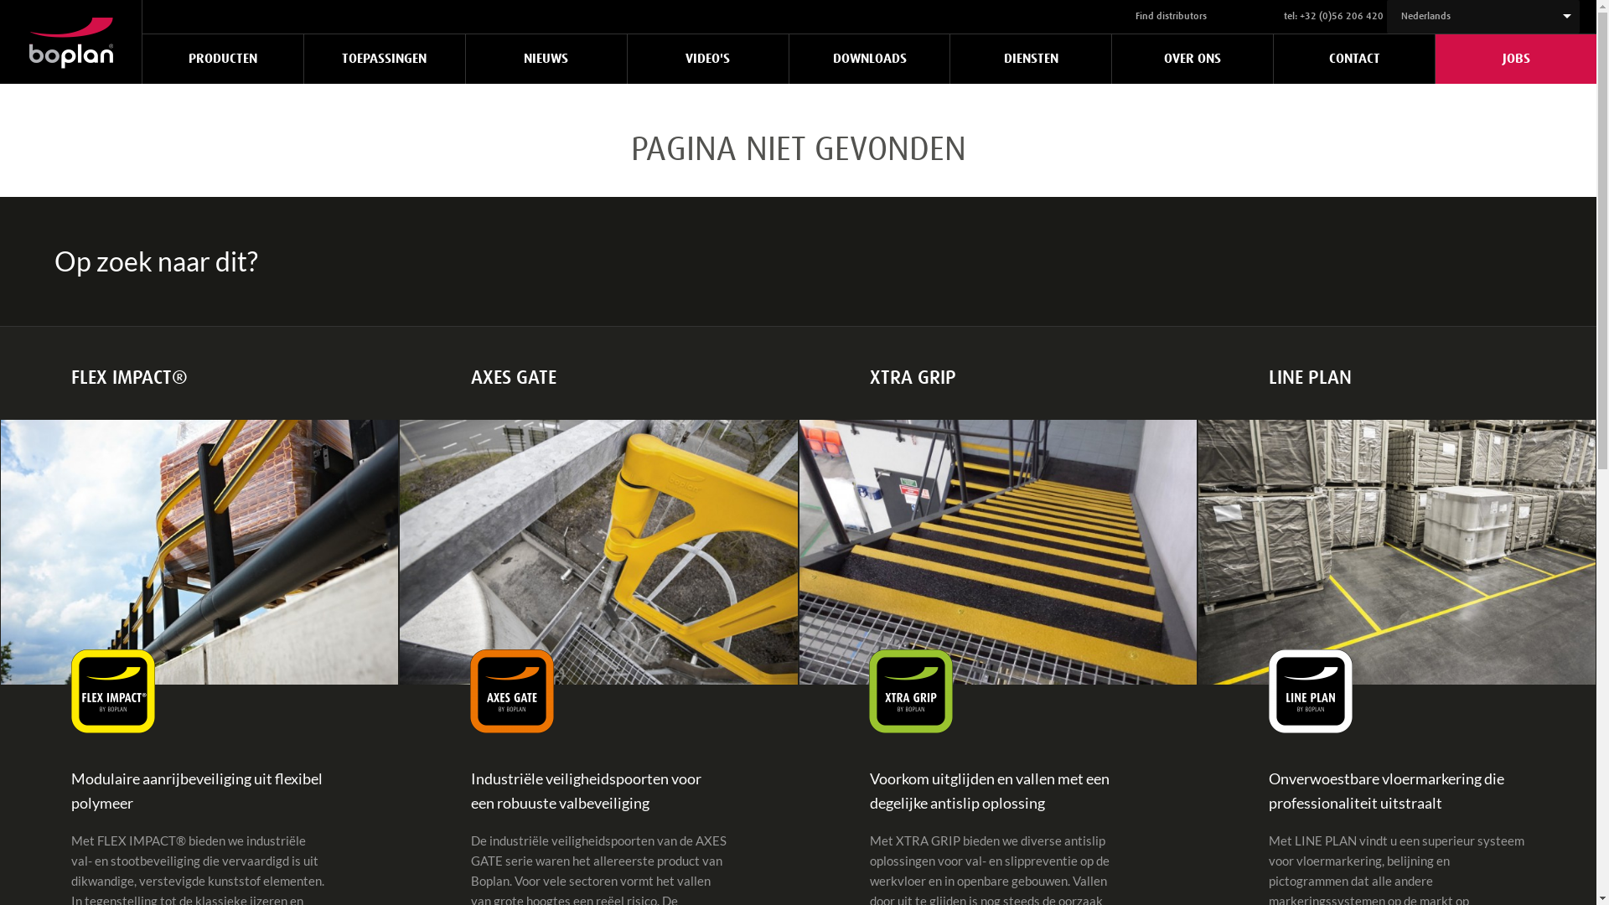 Image resolution: width=1609 pixels, height=905 pixels. What do you see at coordinates (199, 552) in the screenshot?
I see `'Boplan Flex Impact traffic barrier'` at bounding box center [199, 552].